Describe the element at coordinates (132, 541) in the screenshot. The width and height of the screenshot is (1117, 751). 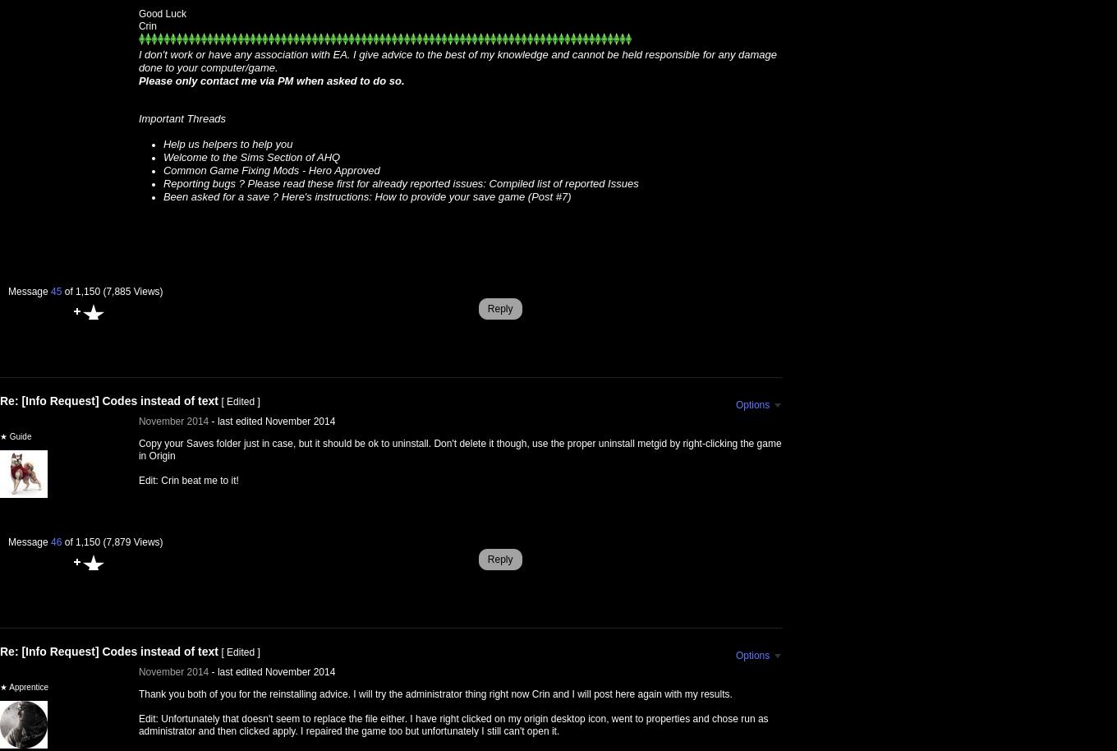
I see `'(7,879 Views)'` at that location.